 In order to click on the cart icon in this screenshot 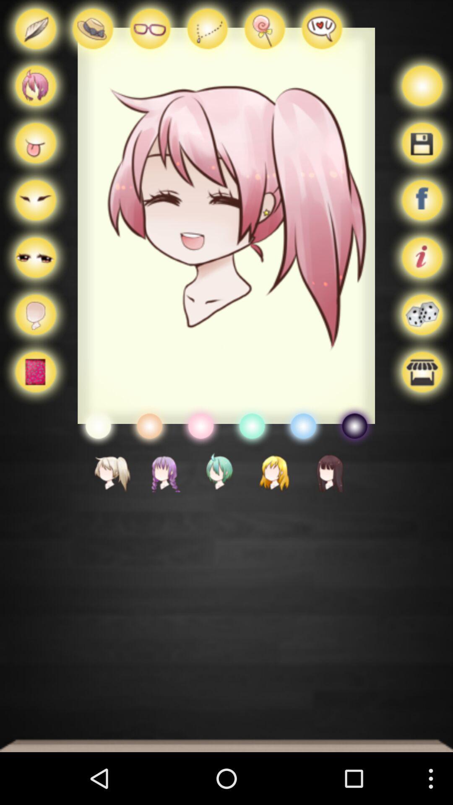, I will do `click(35, 153)`.